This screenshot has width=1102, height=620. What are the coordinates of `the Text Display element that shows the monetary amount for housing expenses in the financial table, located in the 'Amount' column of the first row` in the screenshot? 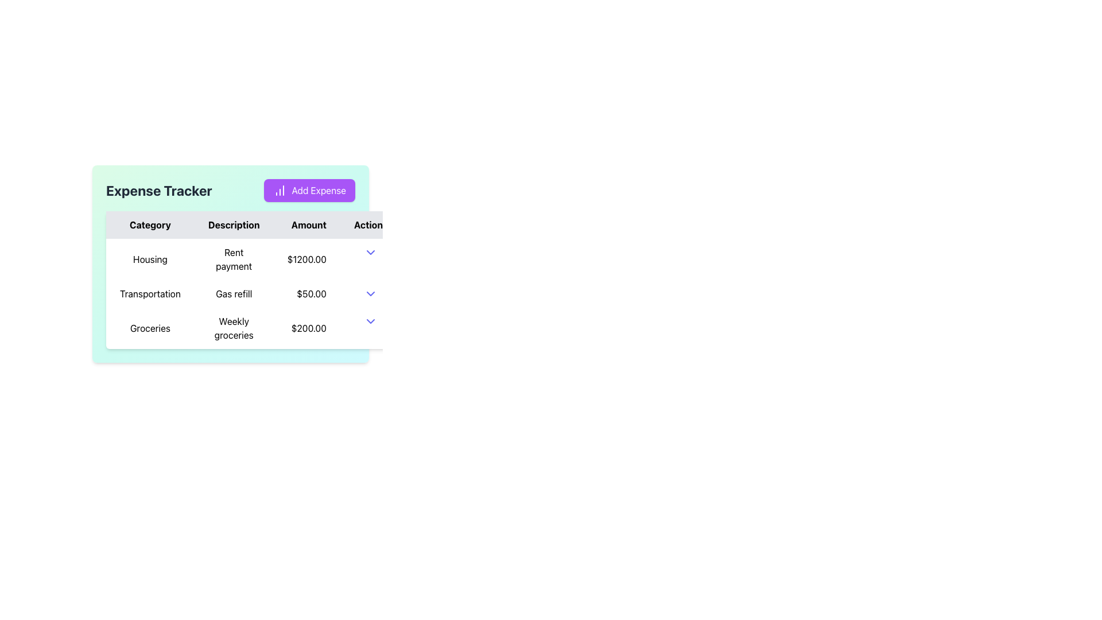 It's located at (306, 259).